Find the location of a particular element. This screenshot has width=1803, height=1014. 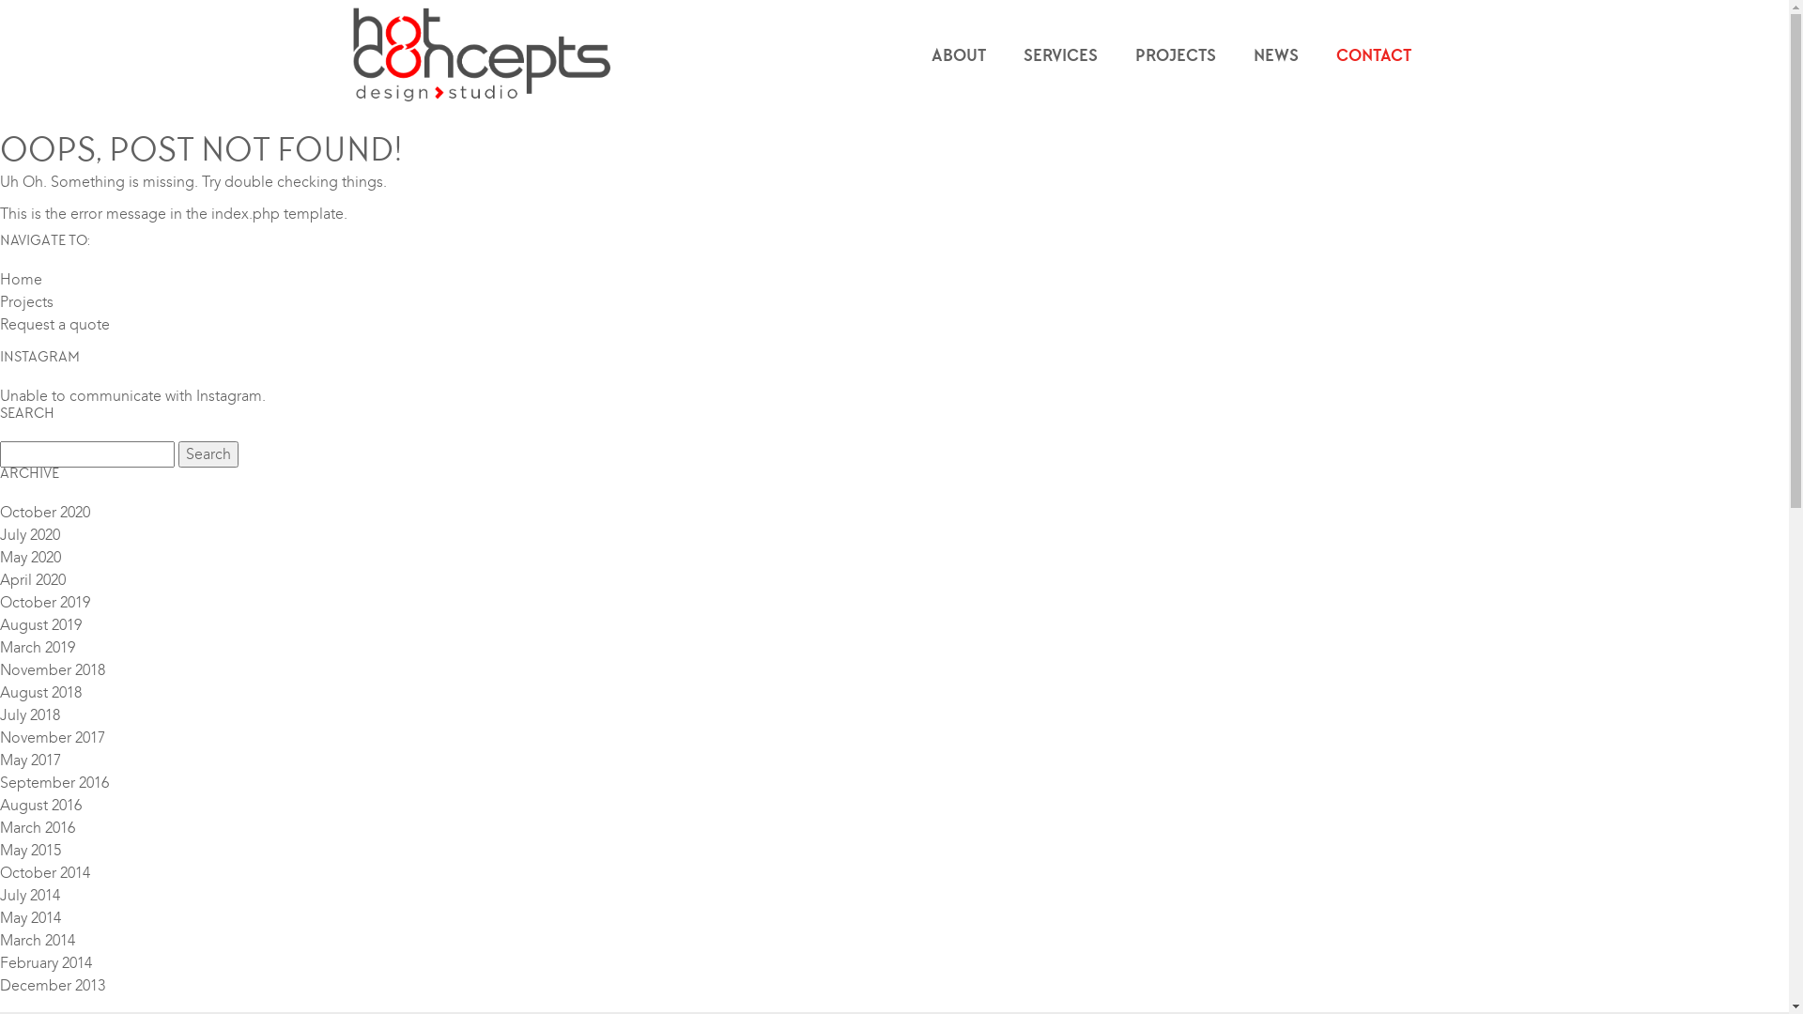

'SERVICES' is located at coordinates (1022, 55).